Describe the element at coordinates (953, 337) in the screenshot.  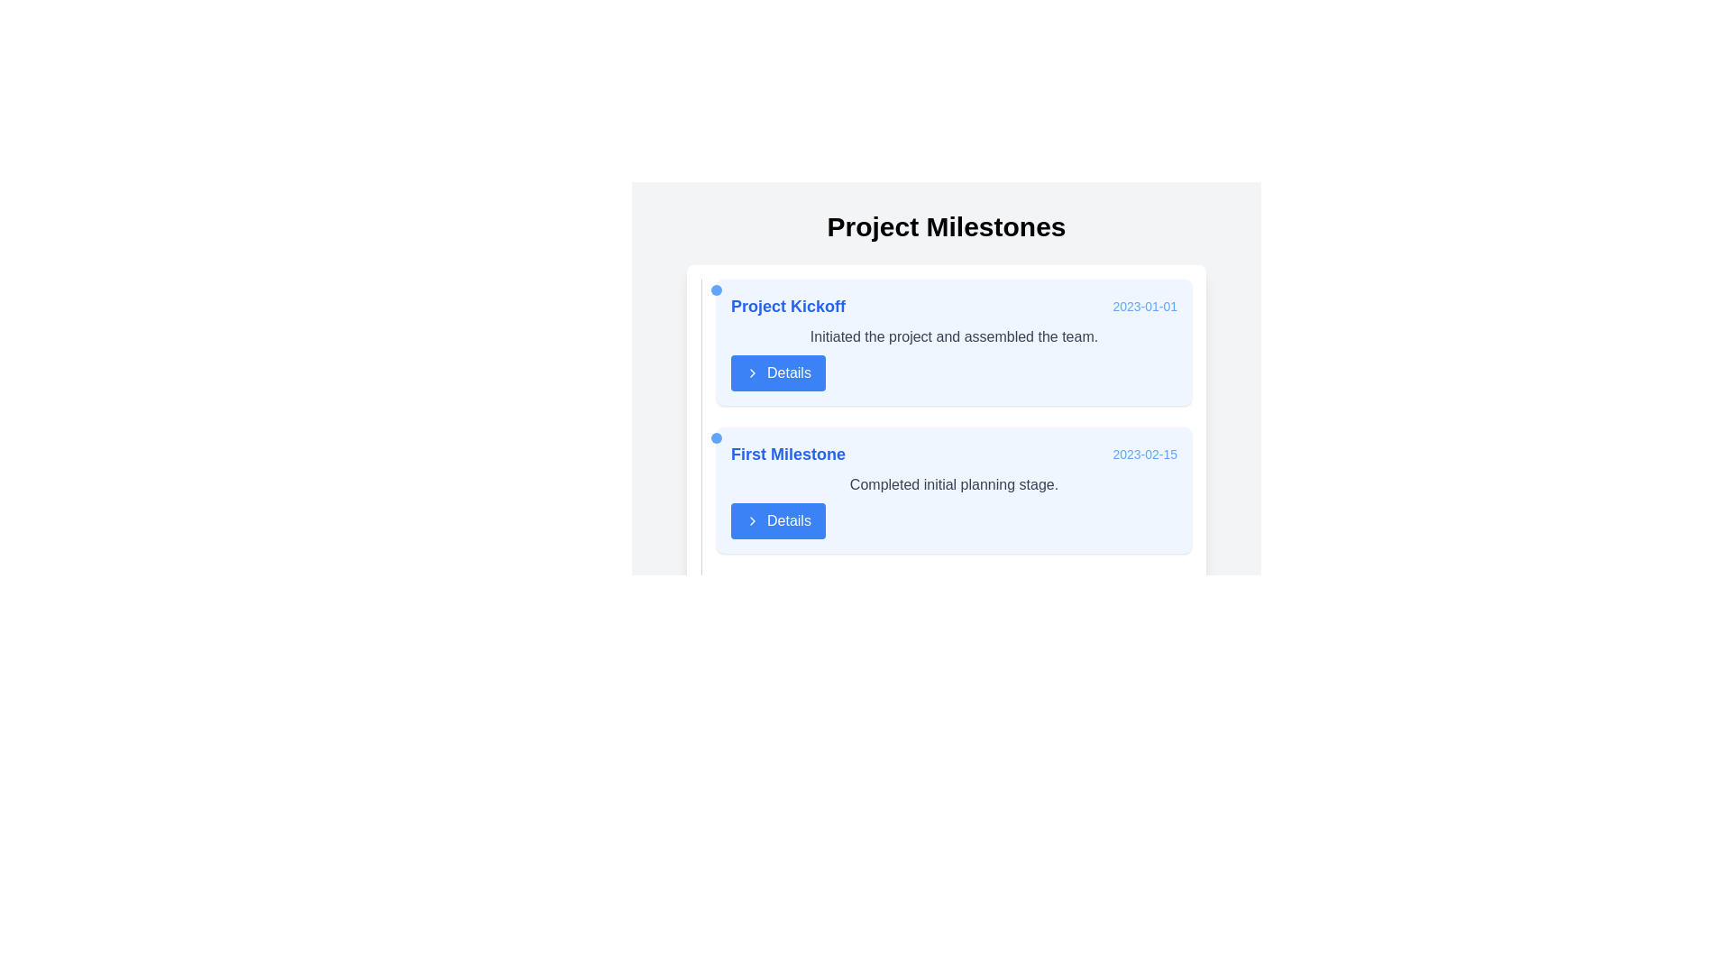
I see `static text element that states 'Initiated the project and assembled the team.' This element is located below the header 'Project Kickoff' and above the 'Details' button` at that location.